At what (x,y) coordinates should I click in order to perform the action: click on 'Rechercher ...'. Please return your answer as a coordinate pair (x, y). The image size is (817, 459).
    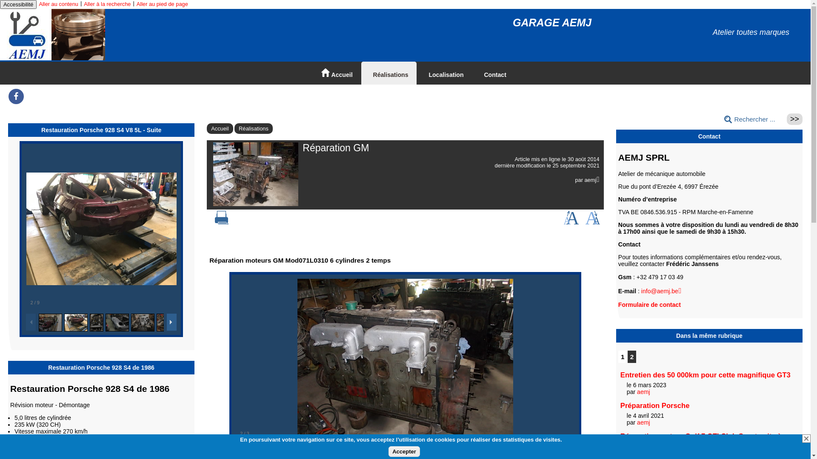
    Looking at the image, I should click on (720, 119).